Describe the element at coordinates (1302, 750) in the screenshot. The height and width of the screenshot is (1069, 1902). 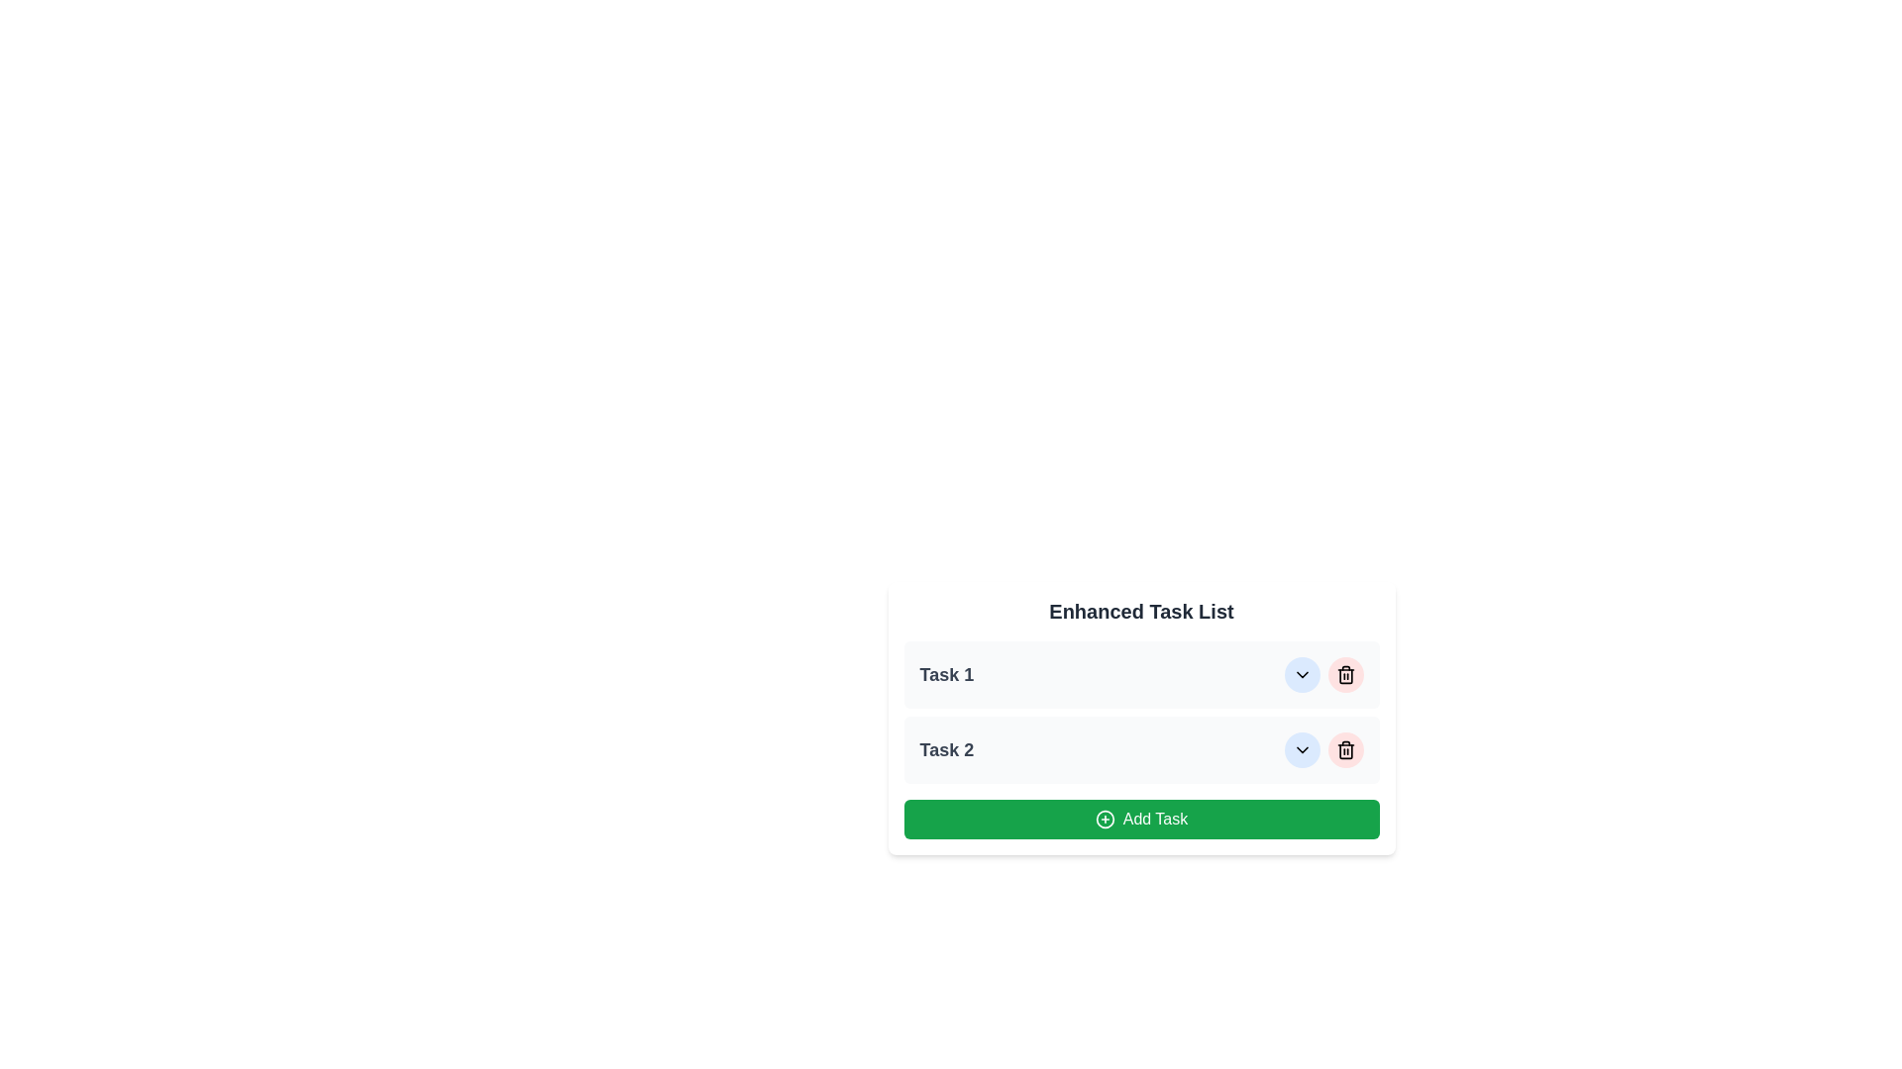
I see `the Dropdown Icon located to the right of the 'Task 2' label` at that location.